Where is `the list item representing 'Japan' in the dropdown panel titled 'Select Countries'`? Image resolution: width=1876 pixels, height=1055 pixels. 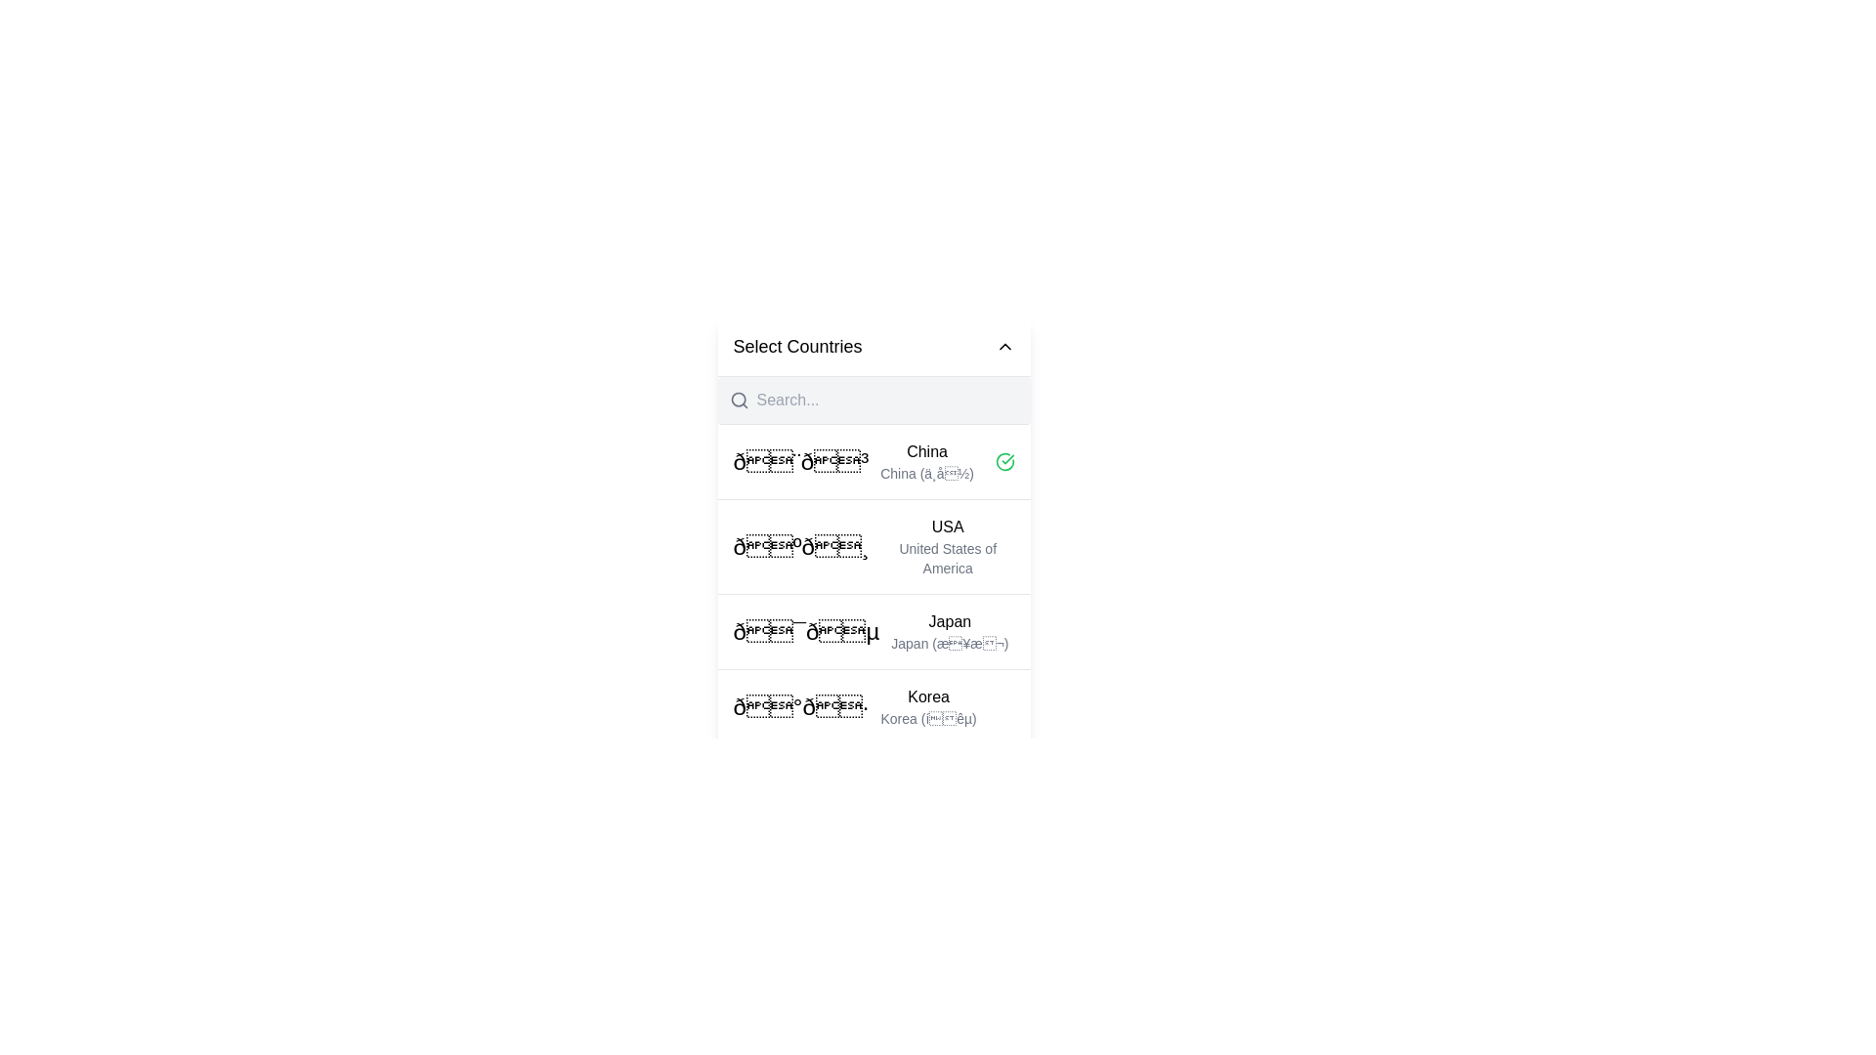 the list item representing 'Japan' in the dropdown panel titled 'Select Countries' is located at coordinates (873, 625).